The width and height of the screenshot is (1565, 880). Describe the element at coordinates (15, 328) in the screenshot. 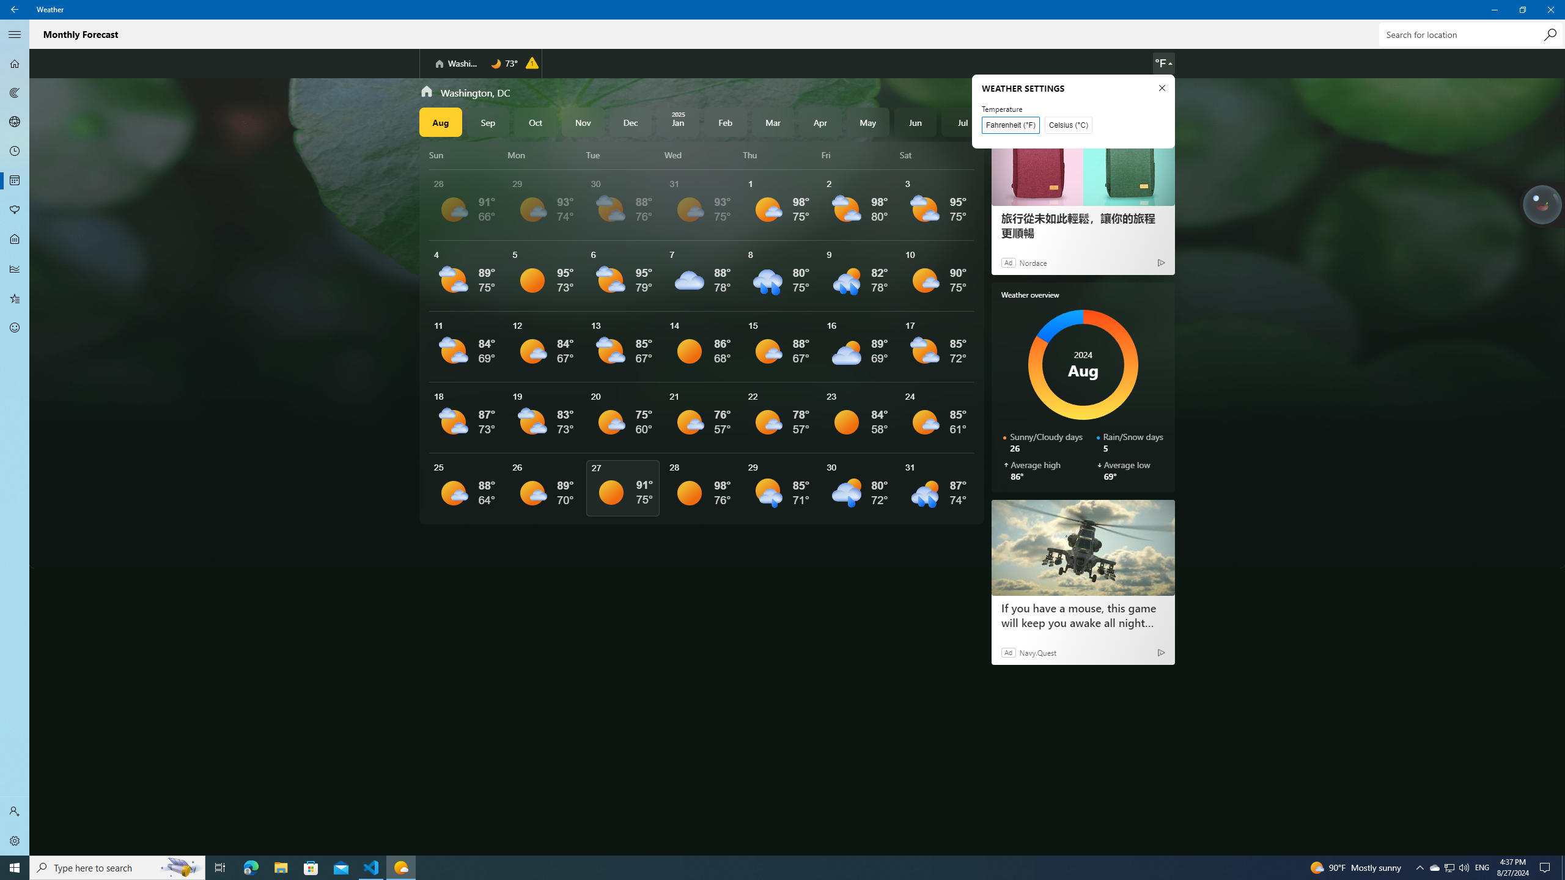

I see `'Send Feedback - Not Selected'` at that location.